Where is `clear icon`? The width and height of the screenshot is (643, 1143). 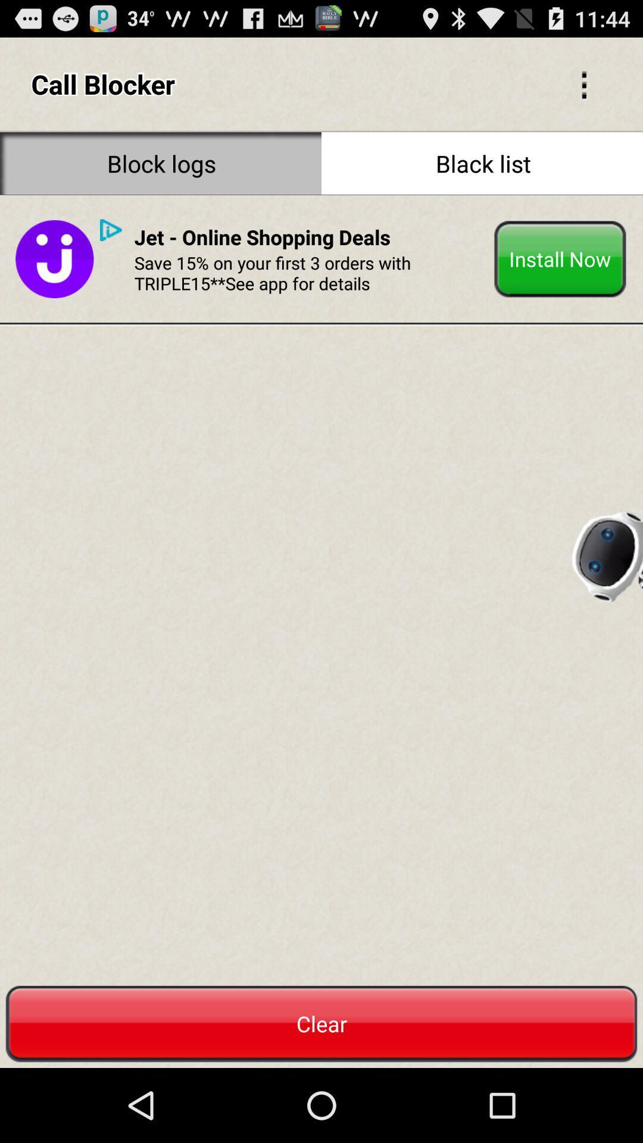 clear icon is located at coordinates (321, 1023).